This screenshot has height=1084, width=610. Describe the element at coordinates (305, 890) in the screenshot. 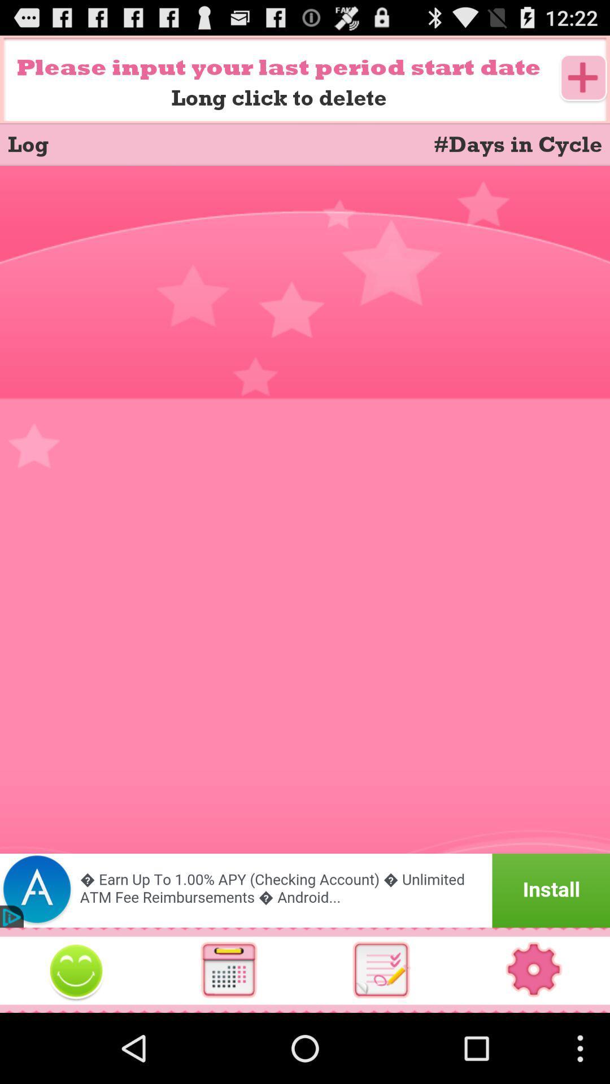

I see `period input indicator` at that location.